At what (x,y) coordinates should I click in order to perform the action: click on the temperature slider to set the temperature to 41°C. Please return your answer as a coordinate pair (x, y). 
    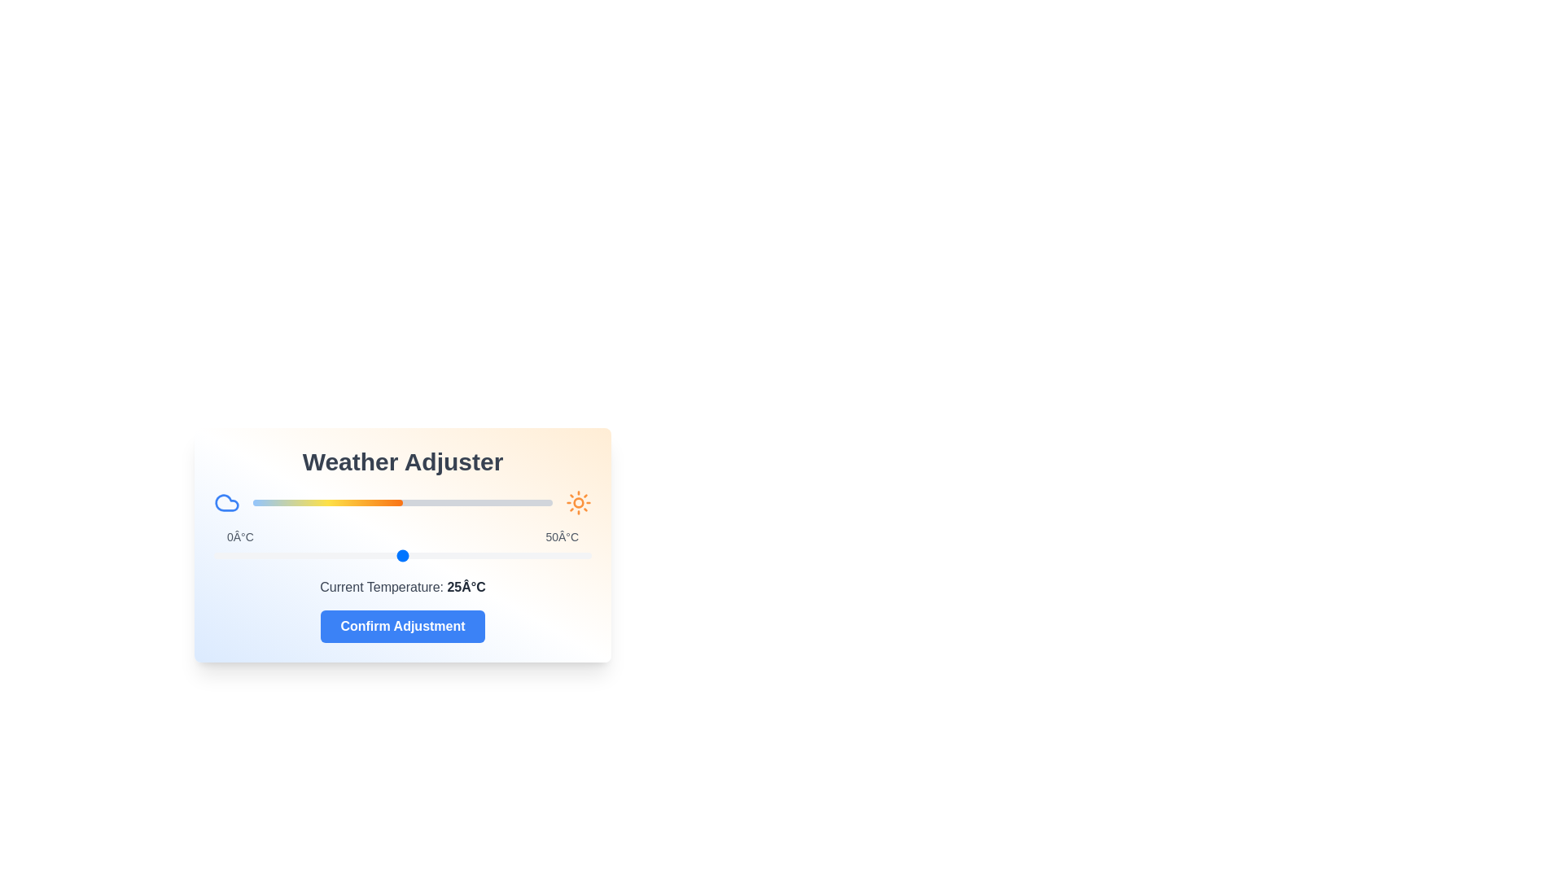
    Looking at the image, I should click on (523, 554).